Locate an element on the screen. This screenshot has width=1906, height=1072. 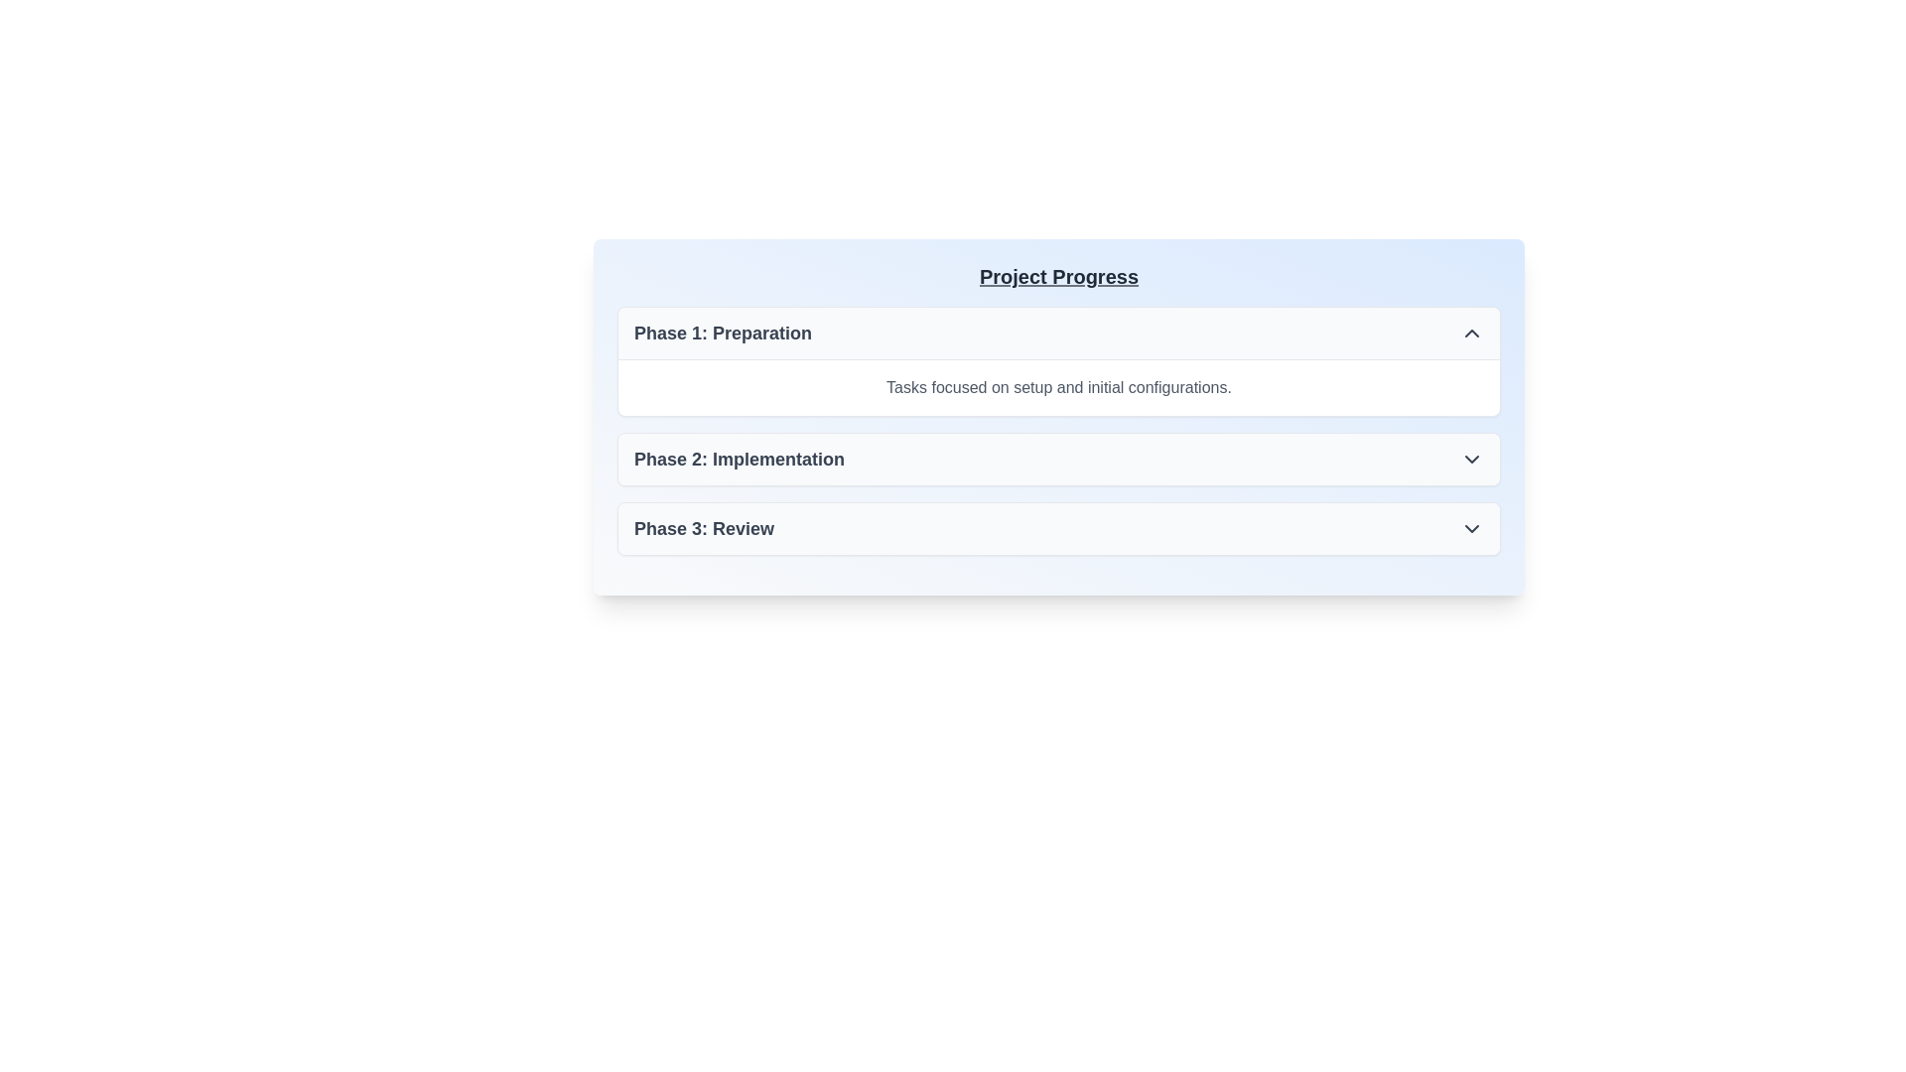
the upward-pointing dark gray Chevron icon adjacent to the text 'Phase 1: Preparation' is located at coordinates (1472, 332).